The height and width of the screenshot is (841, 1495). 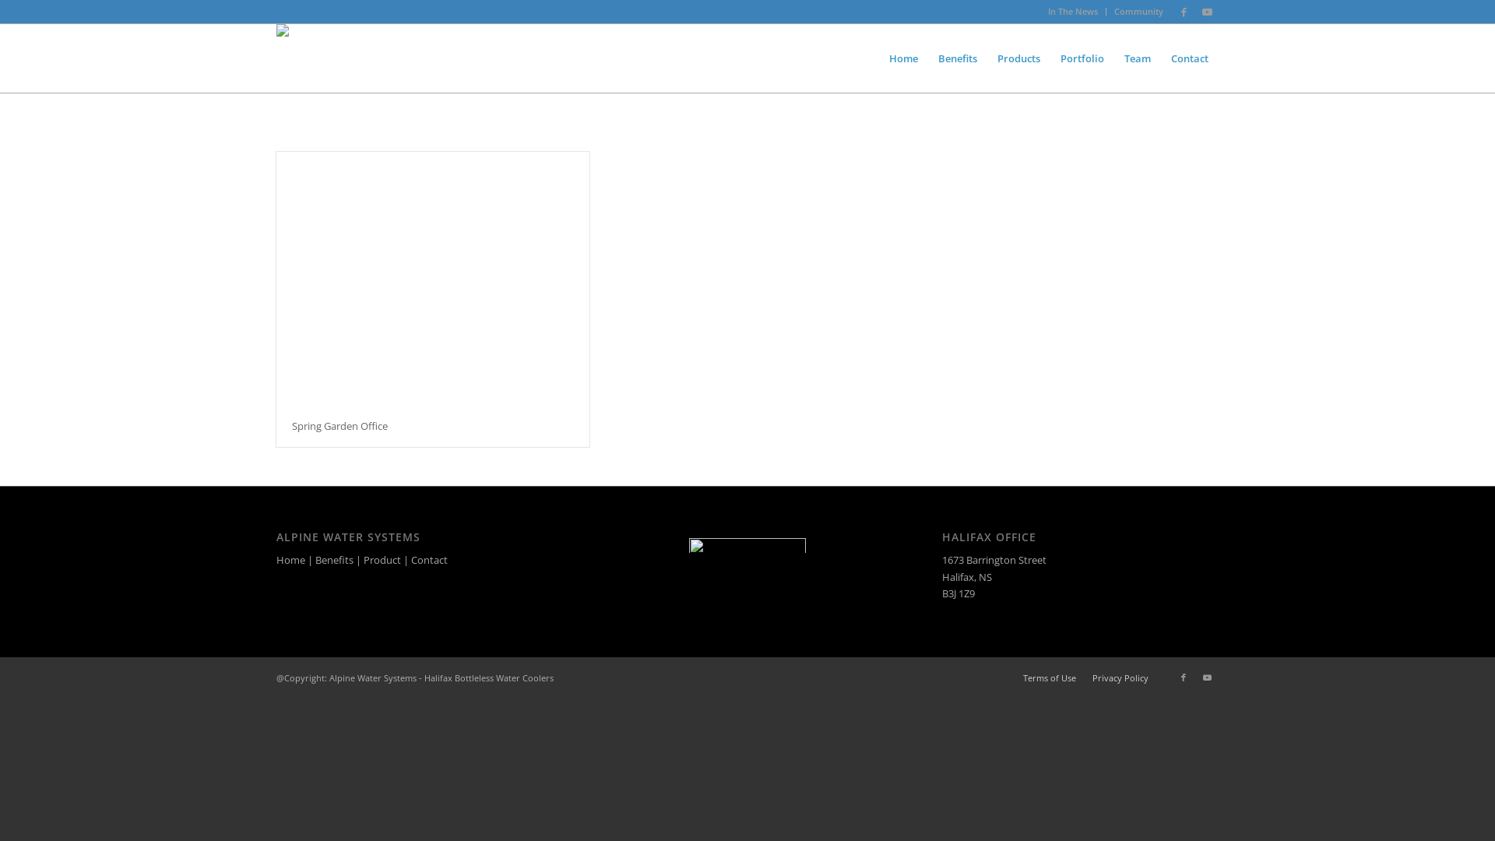 What do you see at coordinates (1138, 11) in the screenshot?
I see `'Community'` at bounding box center [1138, 11].